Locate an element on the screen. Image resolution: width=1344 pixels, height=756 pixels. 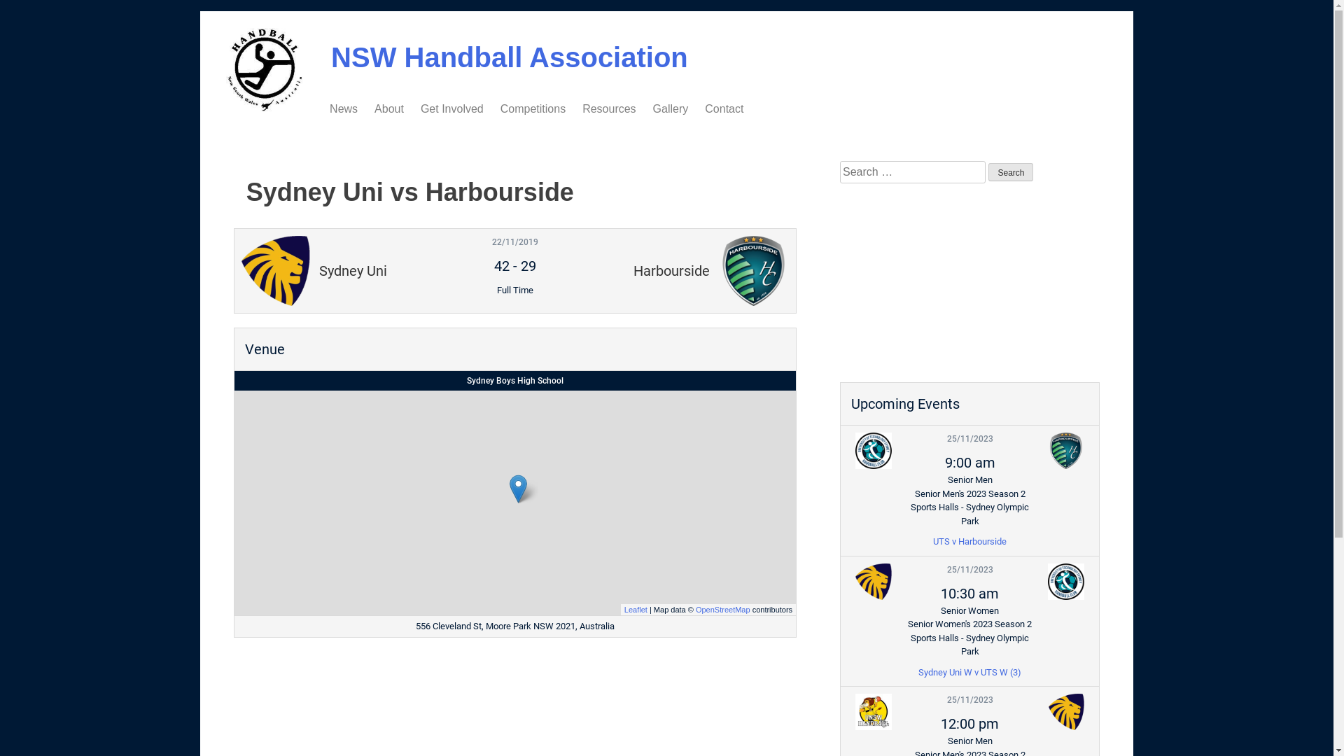
'Gallery' is located at coordinates (652, 108).